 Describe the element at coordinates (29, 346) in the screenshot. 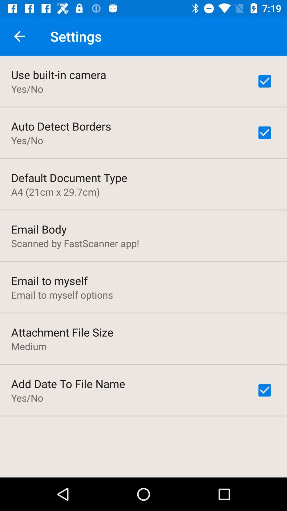

I see `the medium` at that location.